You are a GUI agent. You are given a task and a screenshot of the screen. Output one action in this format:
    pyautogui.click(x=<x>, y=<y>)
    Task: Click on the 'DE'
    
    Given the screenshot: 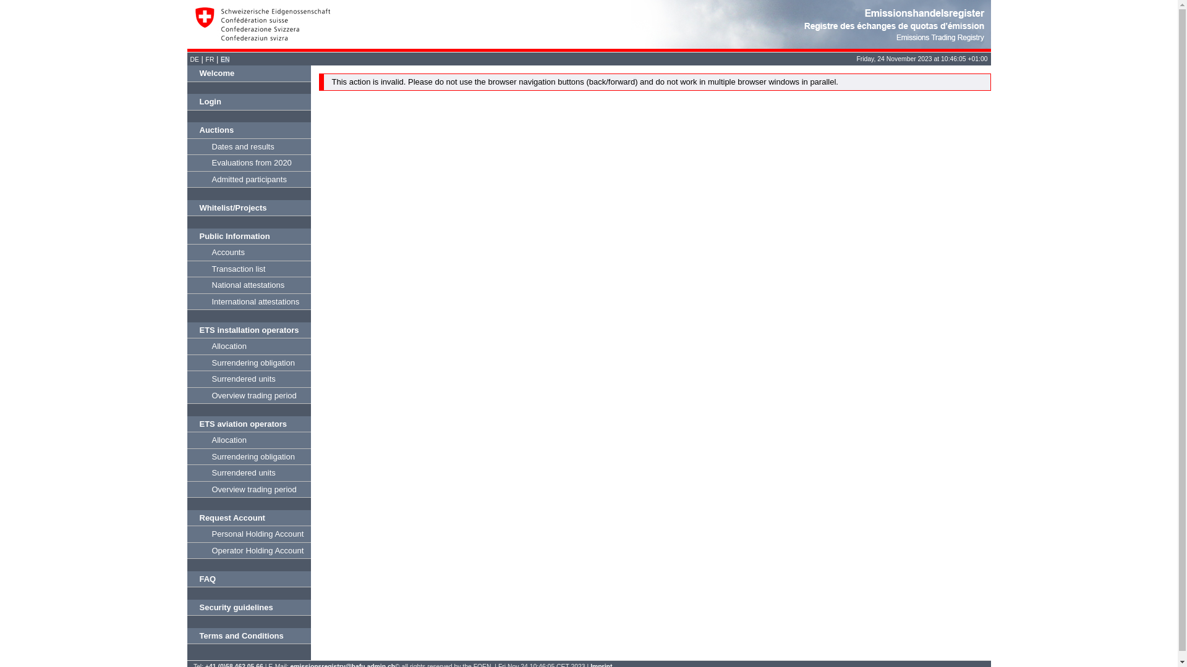 What is the action you would take?
    pyautogui.click(x=189, y=59)
    